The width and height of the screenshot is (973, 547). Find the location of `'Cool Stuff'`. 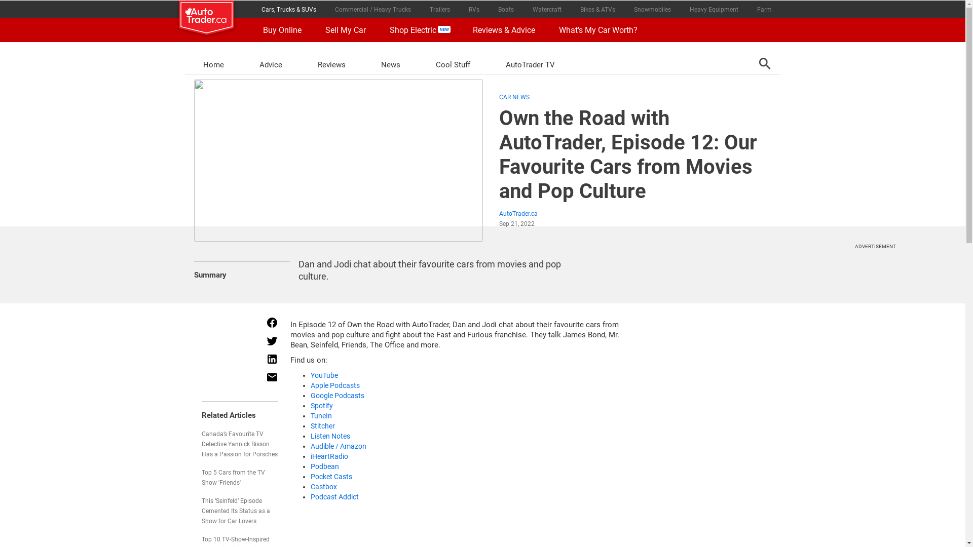

'Cool Stuff' is located at coordinates (452, 64).